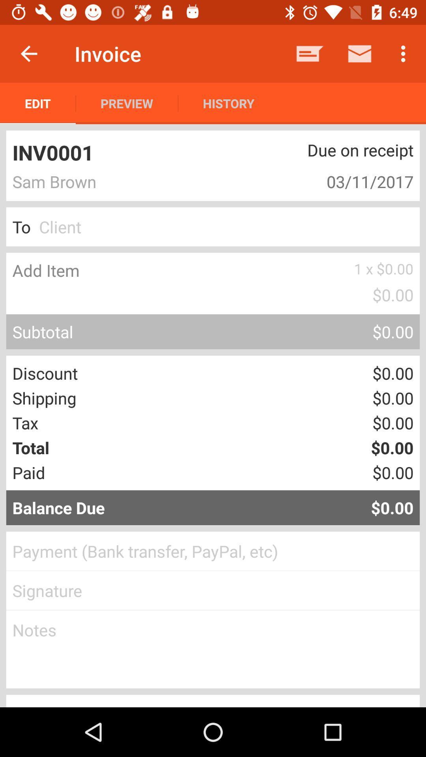 The image size is (426, 757). What do you see at coordinates (28, 53) in the screenshot?
I see `app above the edit icon` at bounding box center [28, 53].